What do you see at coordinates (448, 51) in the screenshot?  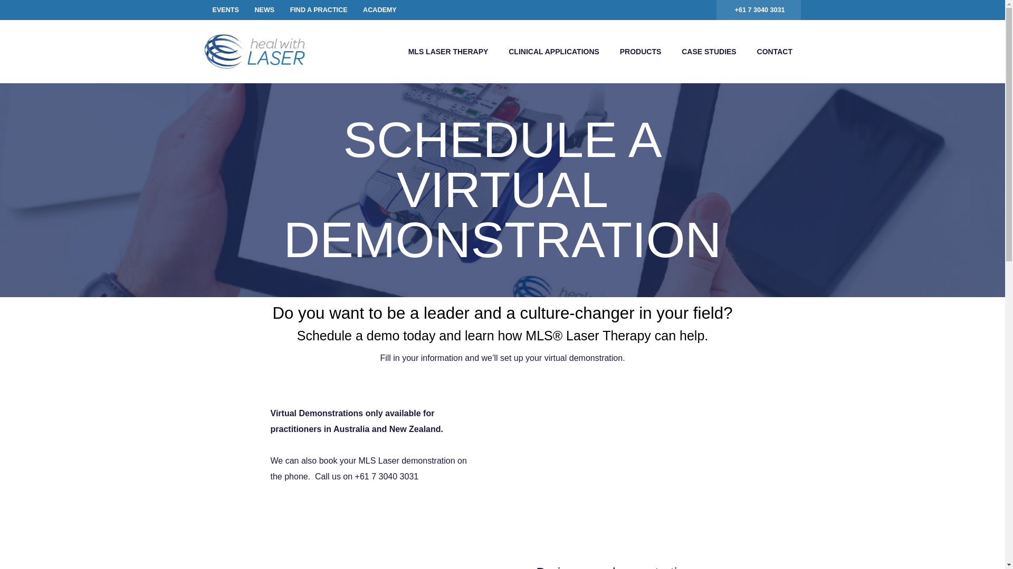 I see `'MLS LASER THERAPY'` at bounding box center [448, 51].